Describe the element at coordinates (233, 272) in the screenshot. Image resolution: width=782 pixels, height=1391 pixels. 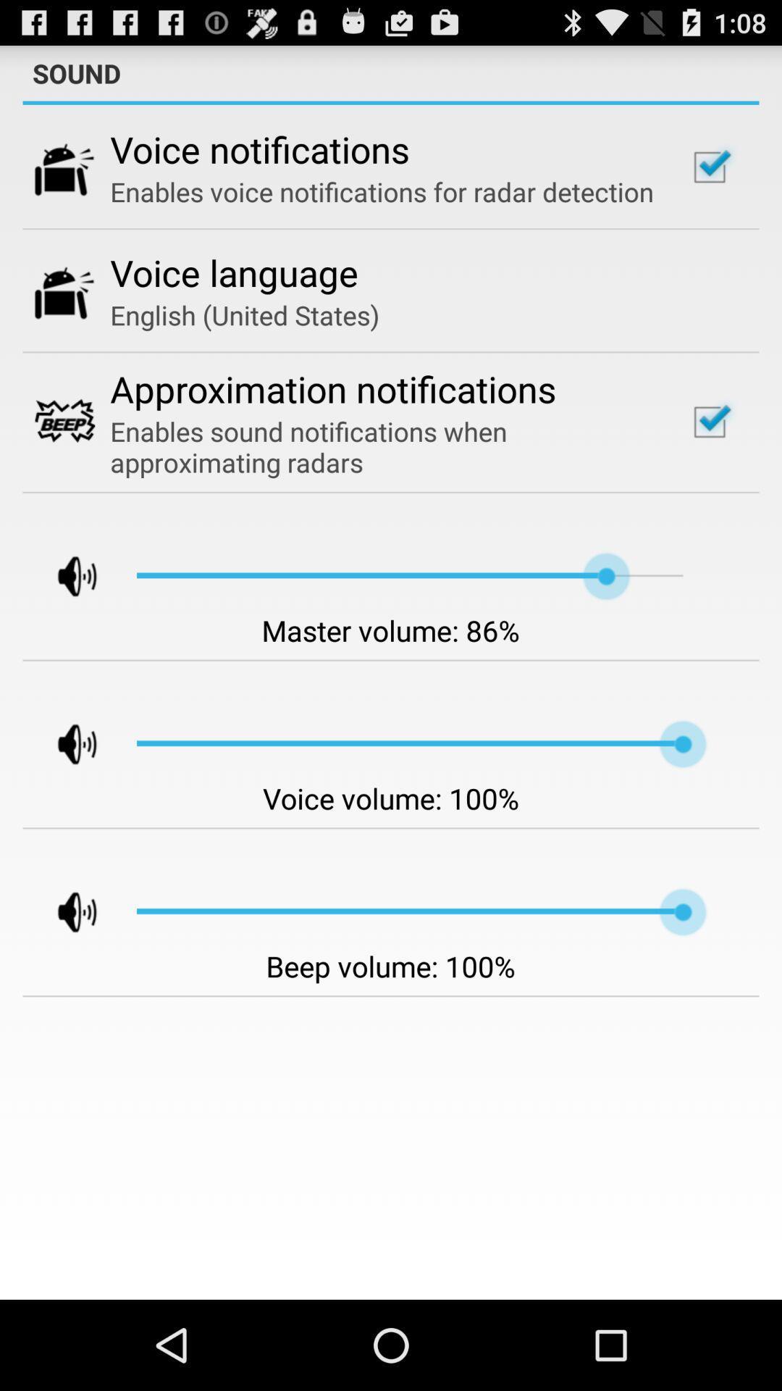
I see `icon above the english (united states) item` at that location.